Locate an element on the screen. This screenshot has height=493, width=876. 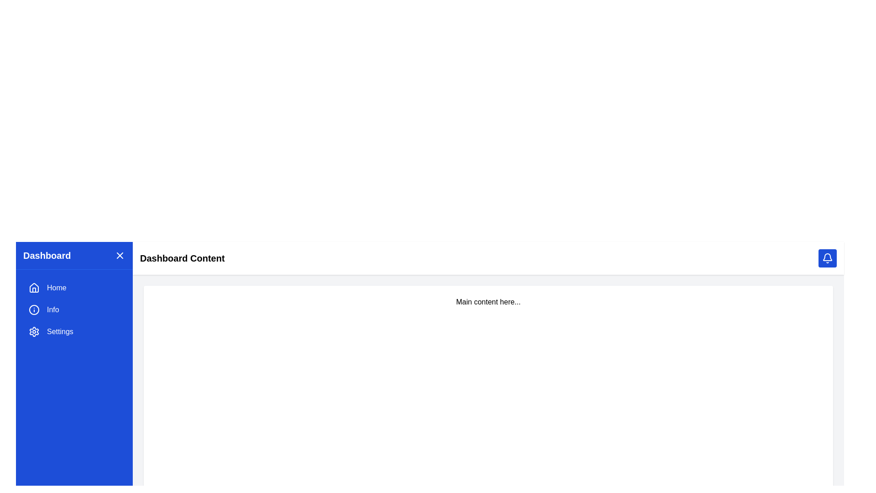
the 'Home' icon located in the left navigation panel is located at coordinates (34, 287).